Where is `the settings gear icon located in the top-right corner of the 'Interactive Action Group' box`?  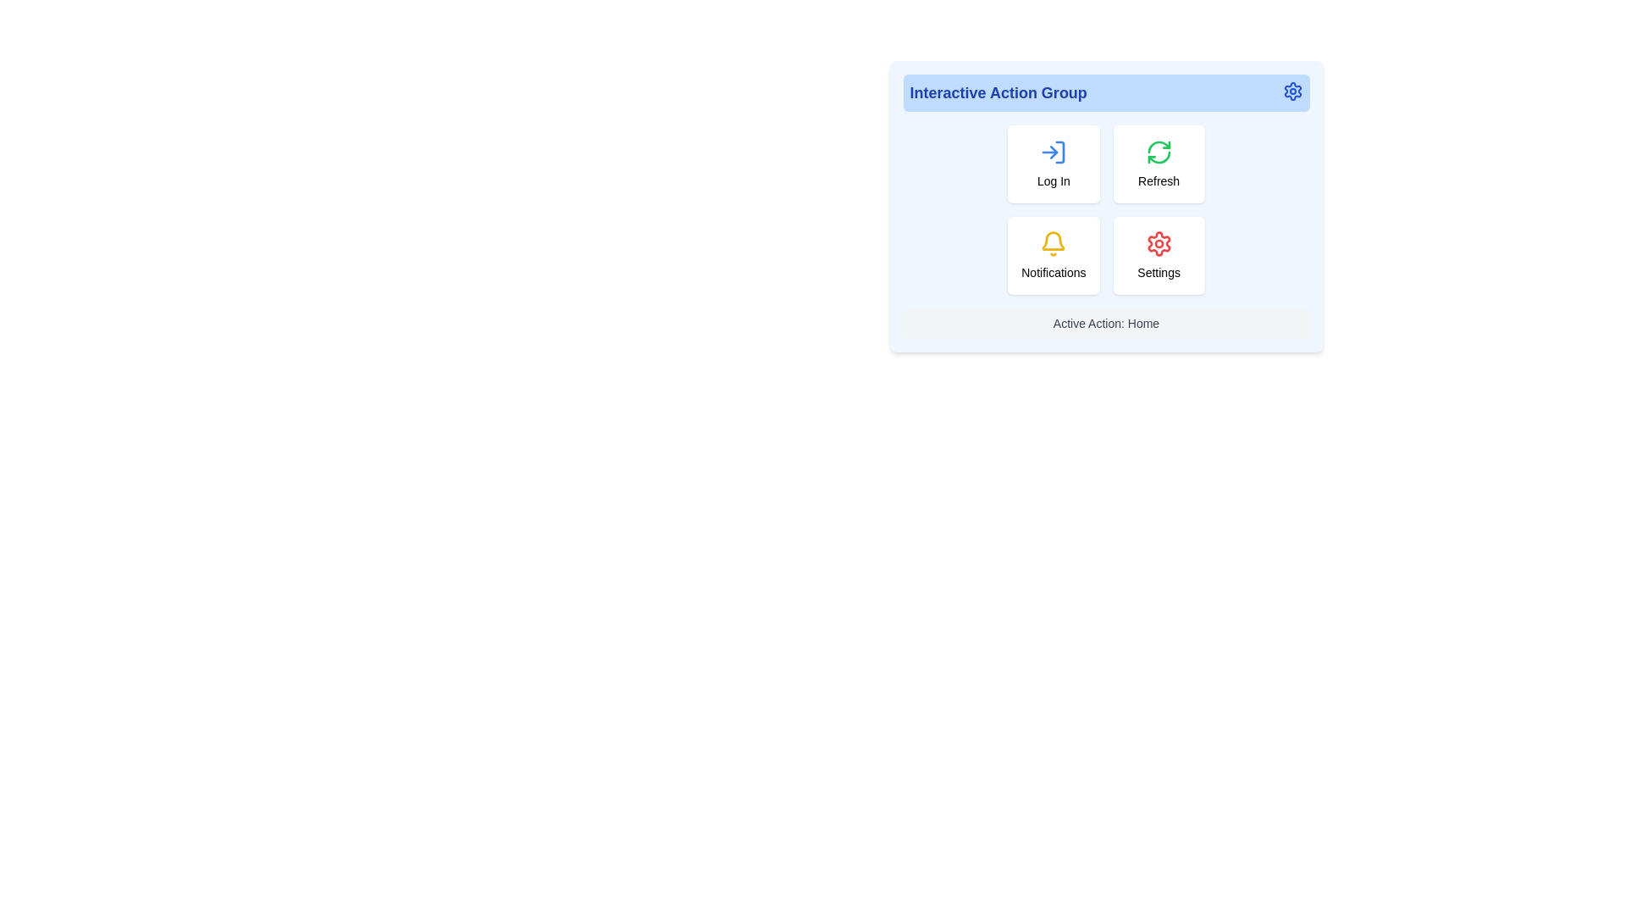 the settings gear icon located in the top-right corner of the 'Interactive Action Group' box is located at coordinates (1291, 91).